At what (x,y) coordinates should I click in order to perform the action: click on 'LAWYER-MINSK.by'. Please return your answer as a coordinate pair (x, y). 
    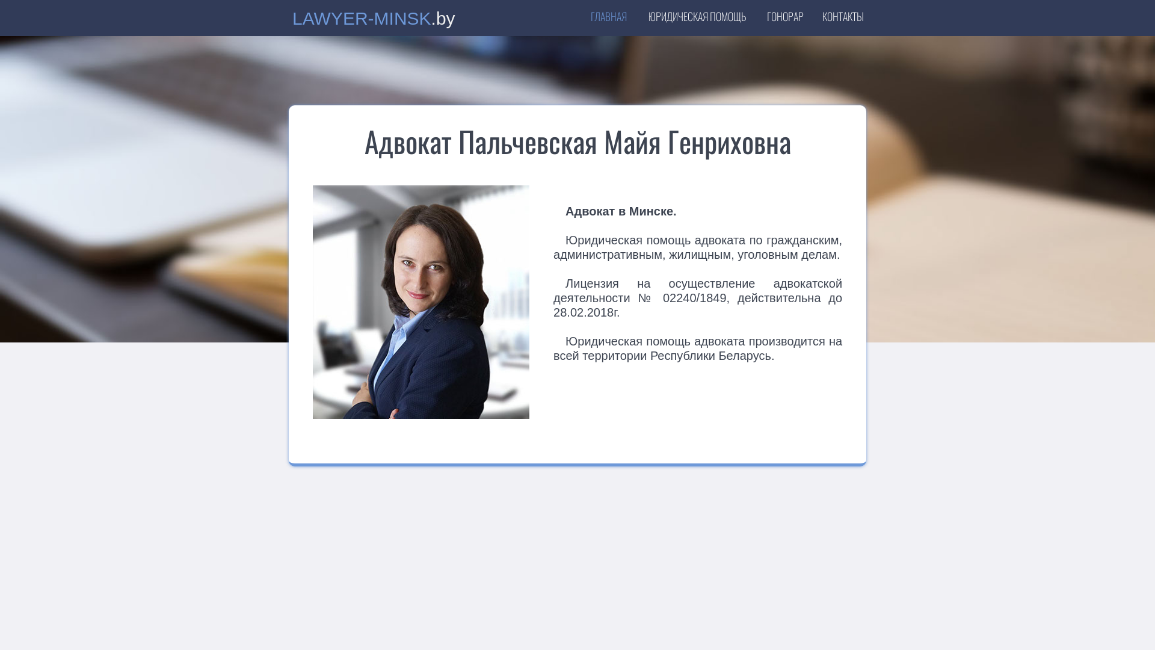
    Looking at the image, I should click on (375, 20).